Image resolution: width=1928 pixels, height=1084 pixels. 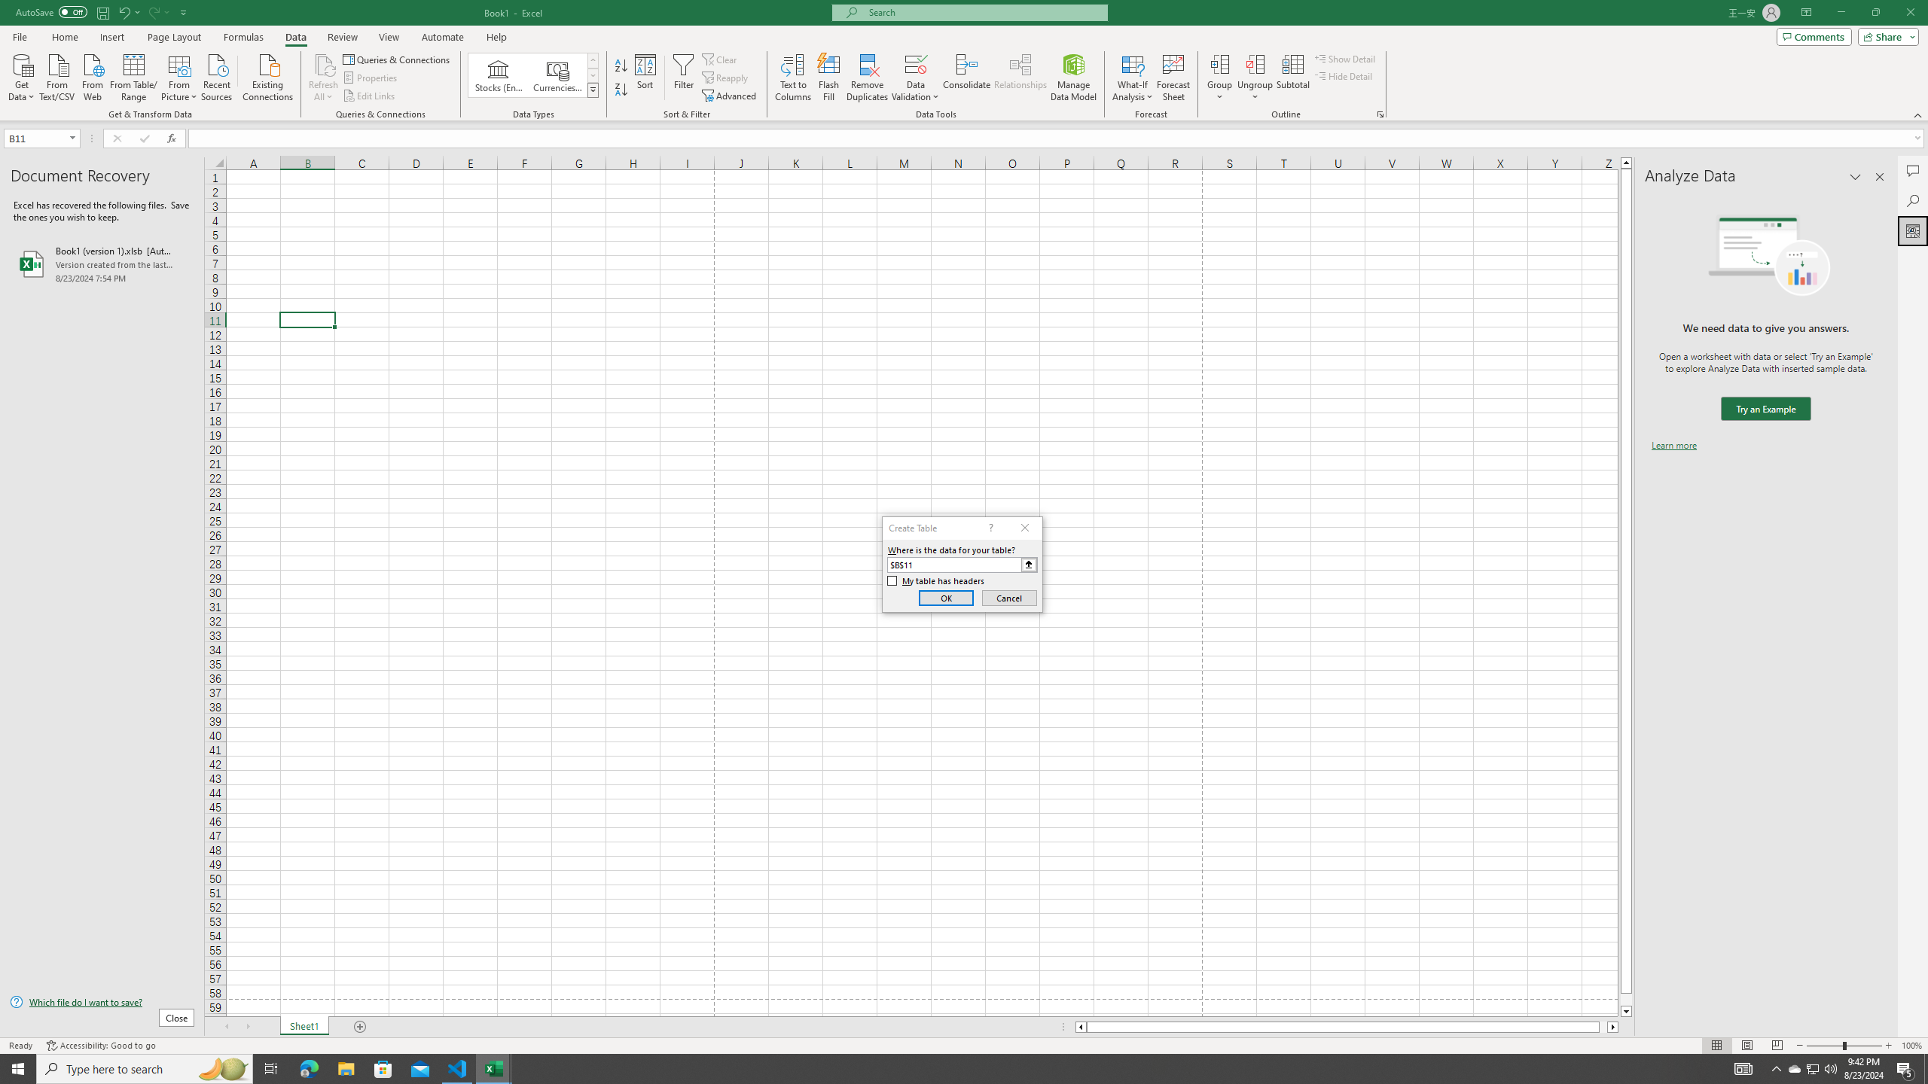 What do you see at coordinates (682, 78) in the screenshot?
I see `'Filter'` at bounding box center [682, 78].